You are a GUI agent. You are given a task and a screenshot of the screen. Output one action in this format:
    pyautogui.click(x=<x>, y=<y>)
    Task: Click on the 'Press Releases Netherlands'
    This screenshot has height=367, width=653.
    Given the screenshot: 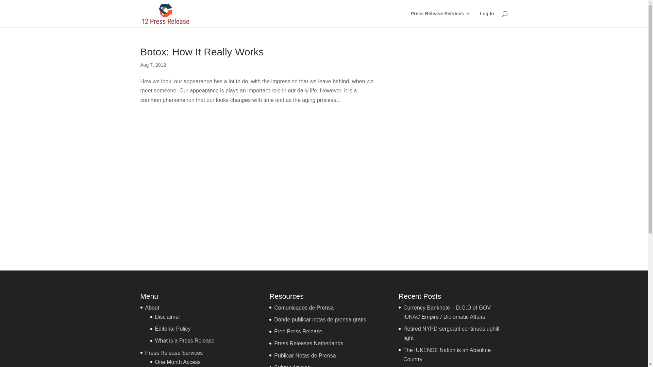 What is the action you would take?
    pyautogui.click(x=308, y=343)
    